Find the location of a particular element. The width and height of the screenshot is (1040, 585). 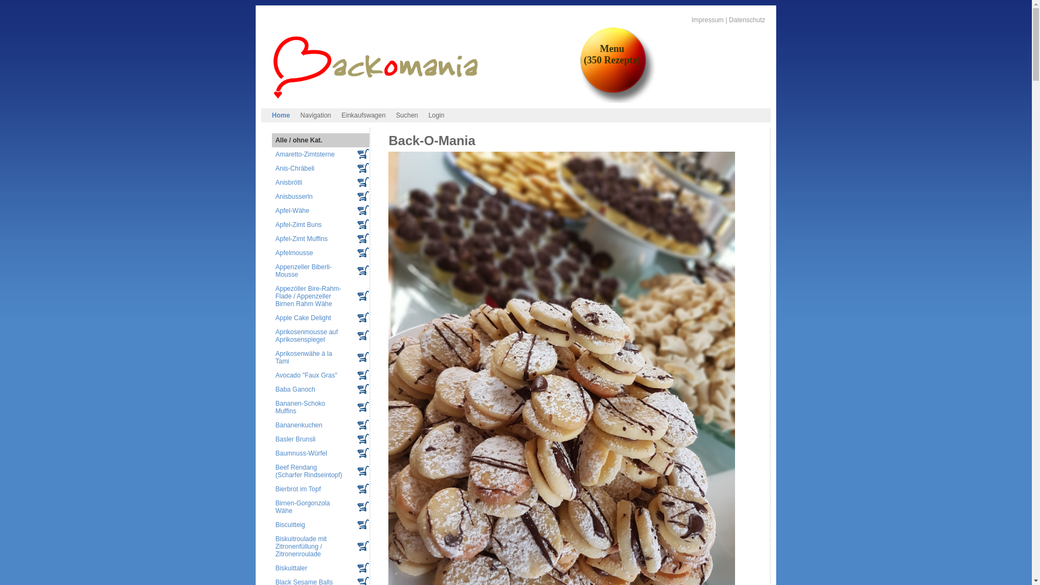

'Aprikosenmousse auf Aprikosenspiegel' is located at coordinates (305, 335).